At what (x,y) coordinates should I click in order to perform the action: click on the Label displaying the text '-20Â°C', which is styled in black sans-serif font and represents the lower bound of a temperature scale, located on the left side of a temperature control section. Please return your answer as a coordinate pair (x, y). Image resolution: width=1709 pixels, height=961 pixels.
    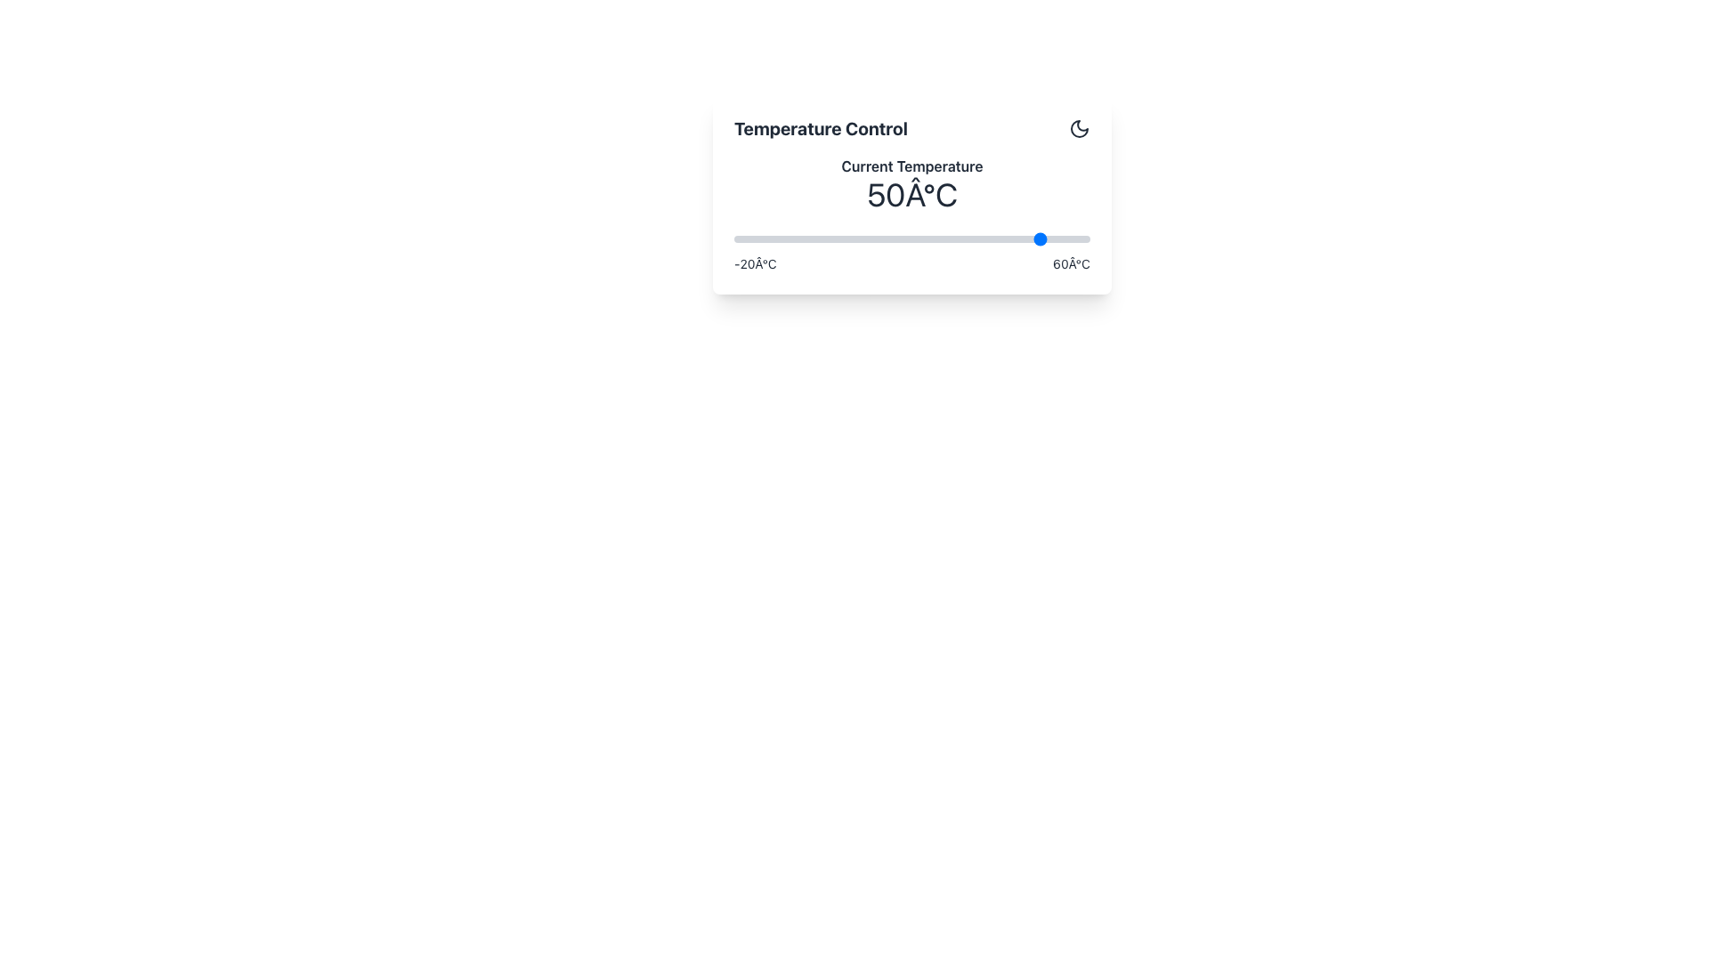
    Looking at the image, I should click on (755, 264).